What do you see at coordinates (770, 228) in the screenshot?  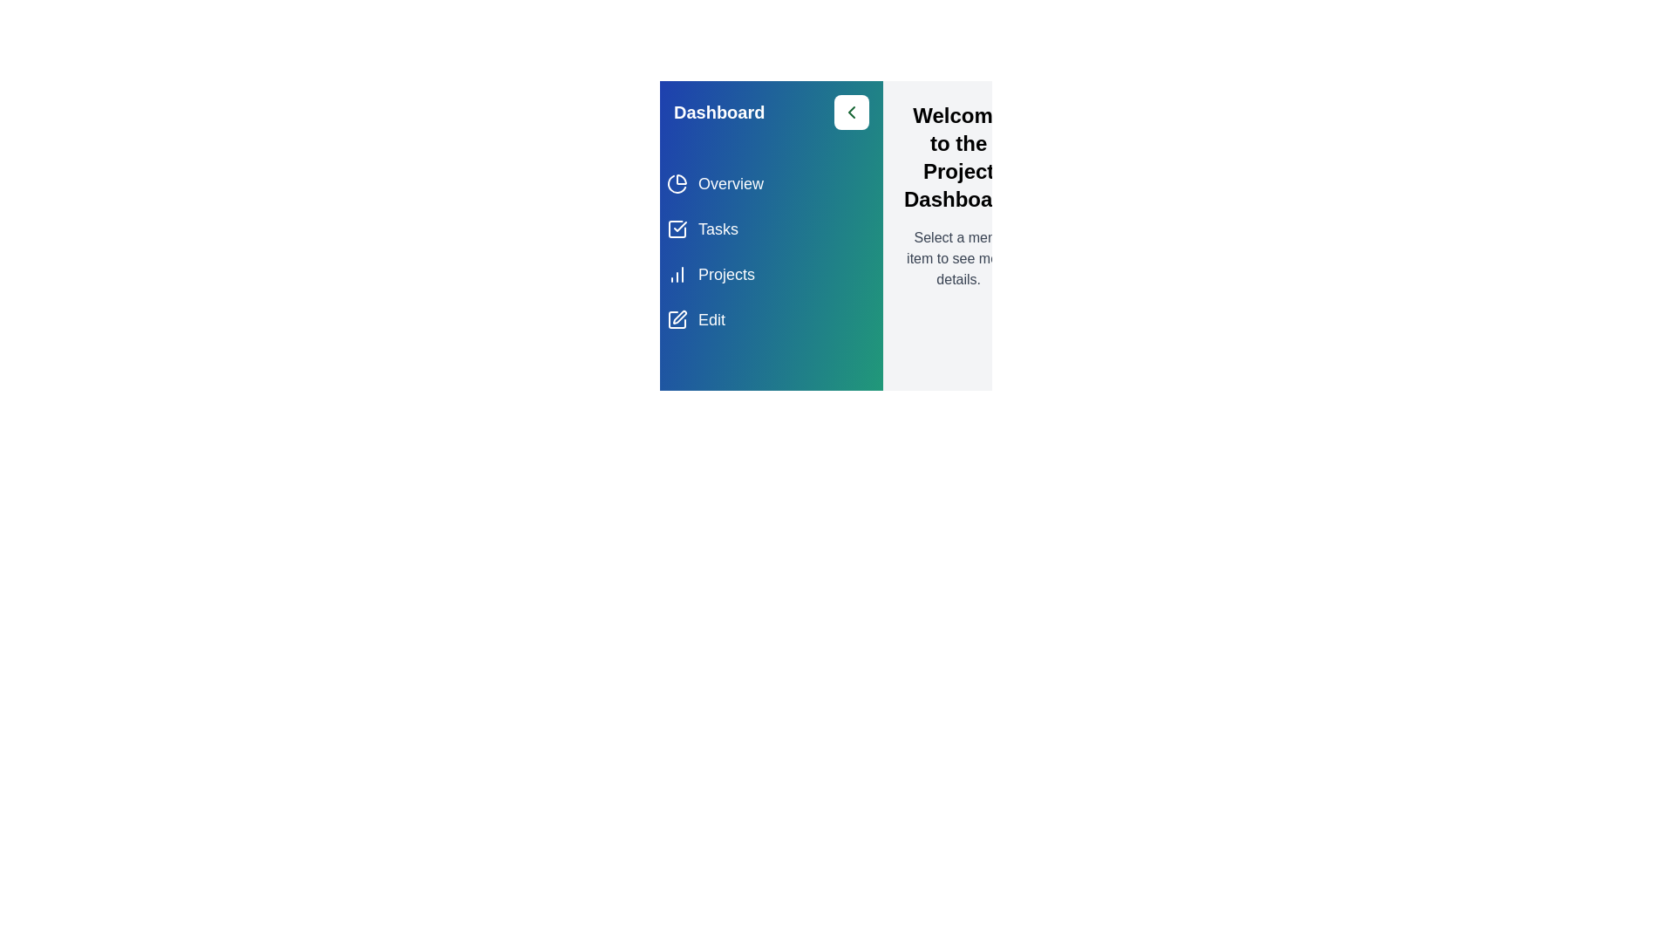 I see `the menu item Tasks from the list` at bounding box center [770, 228].